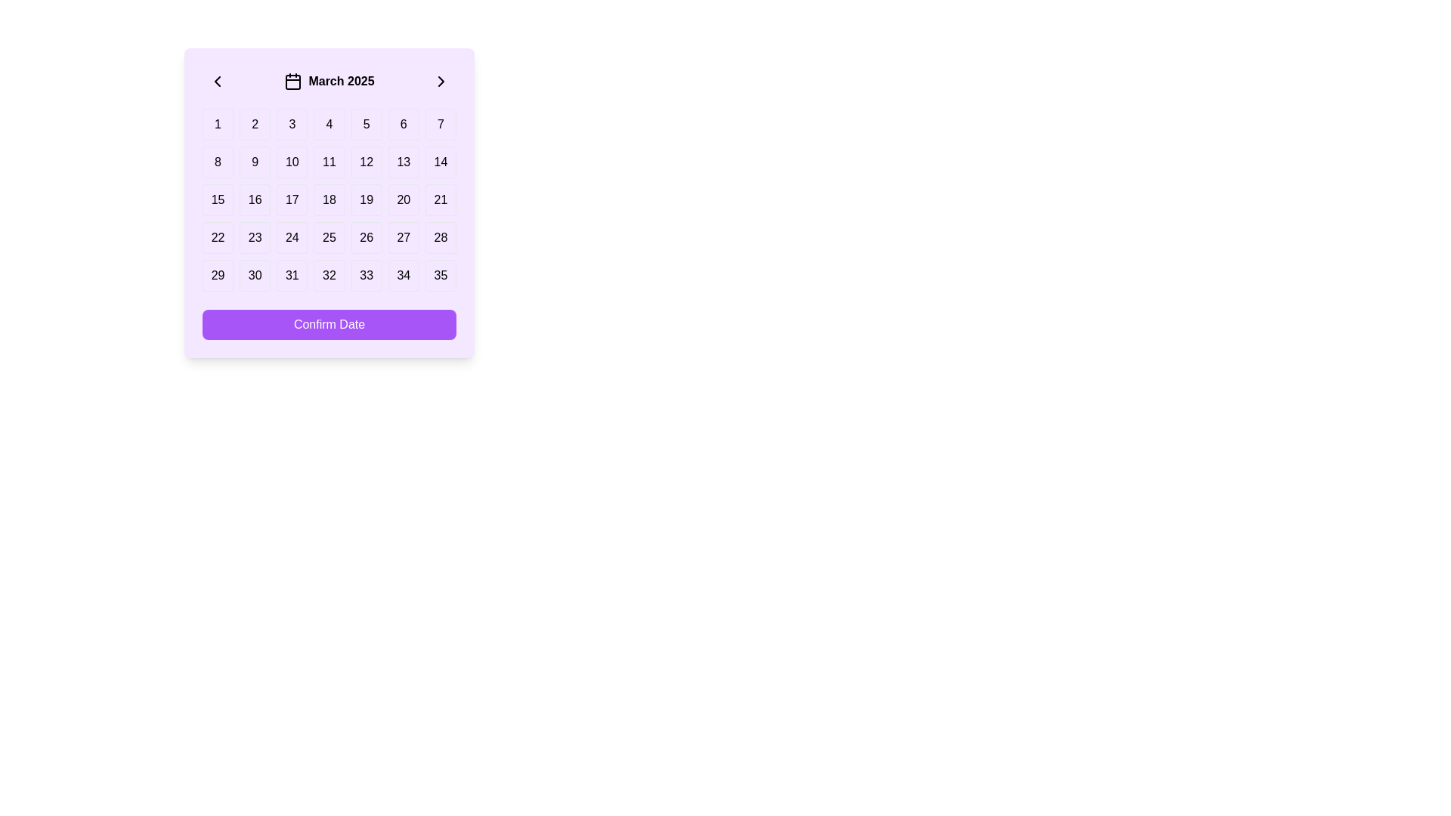 The height and width of the screenshot is (816, 1451). What do you see at coordinates (217, 124) in the screenshot?
I see `the small rectangular button with rounded corners and centered black text displaying the number '1'` at bounding box center [217, 124].